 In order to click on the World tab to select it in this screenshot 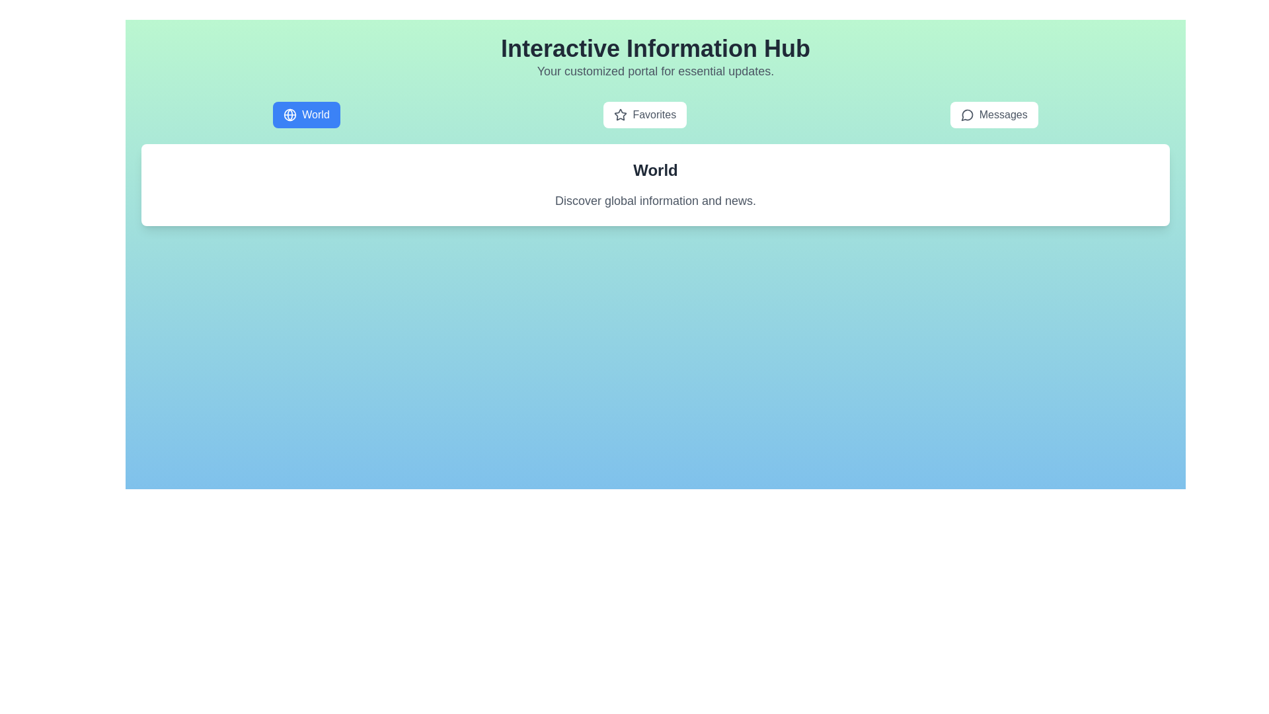, I will do `click(306, 114)`.